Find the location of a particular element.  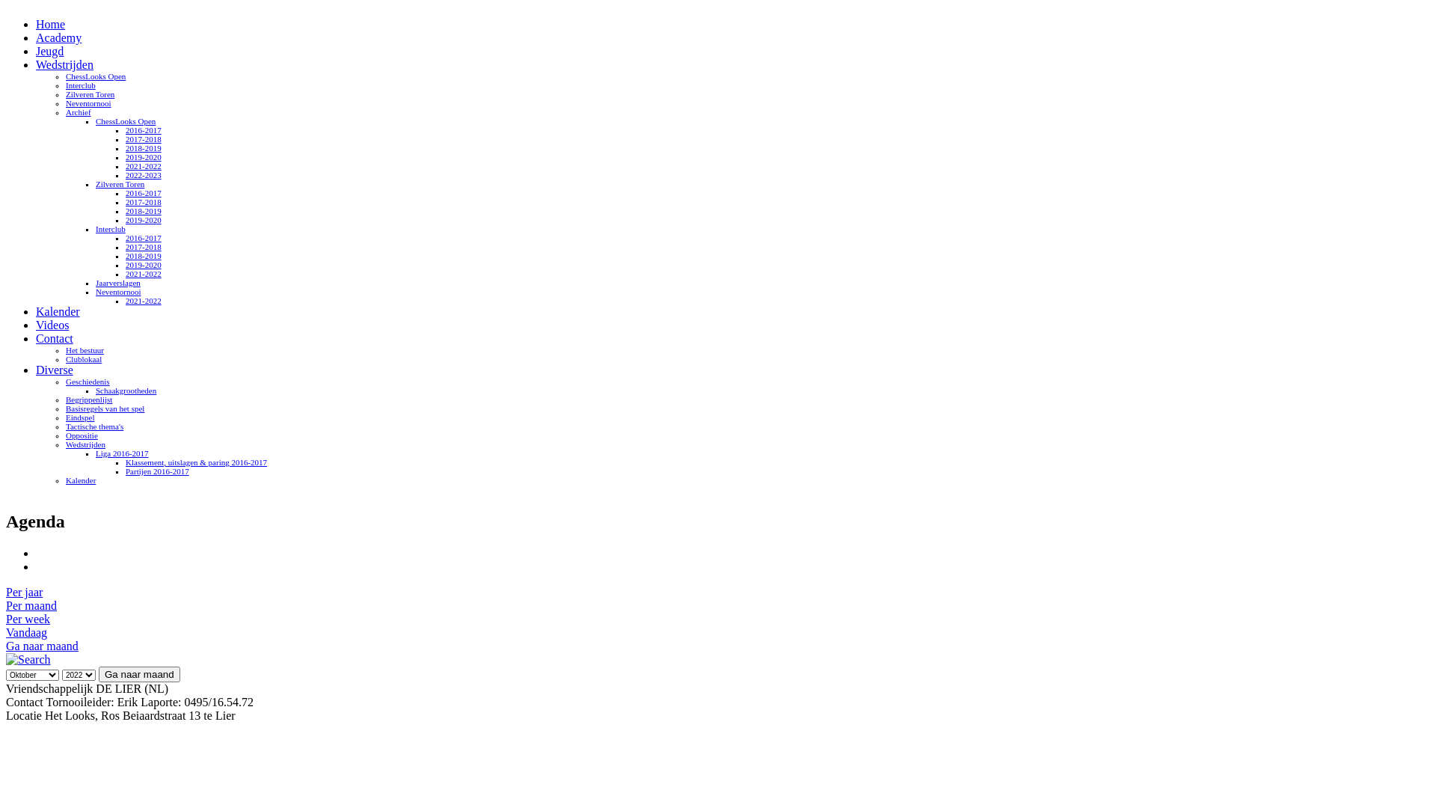

'Zilveren Toren' is located at coordinates (120, 183).